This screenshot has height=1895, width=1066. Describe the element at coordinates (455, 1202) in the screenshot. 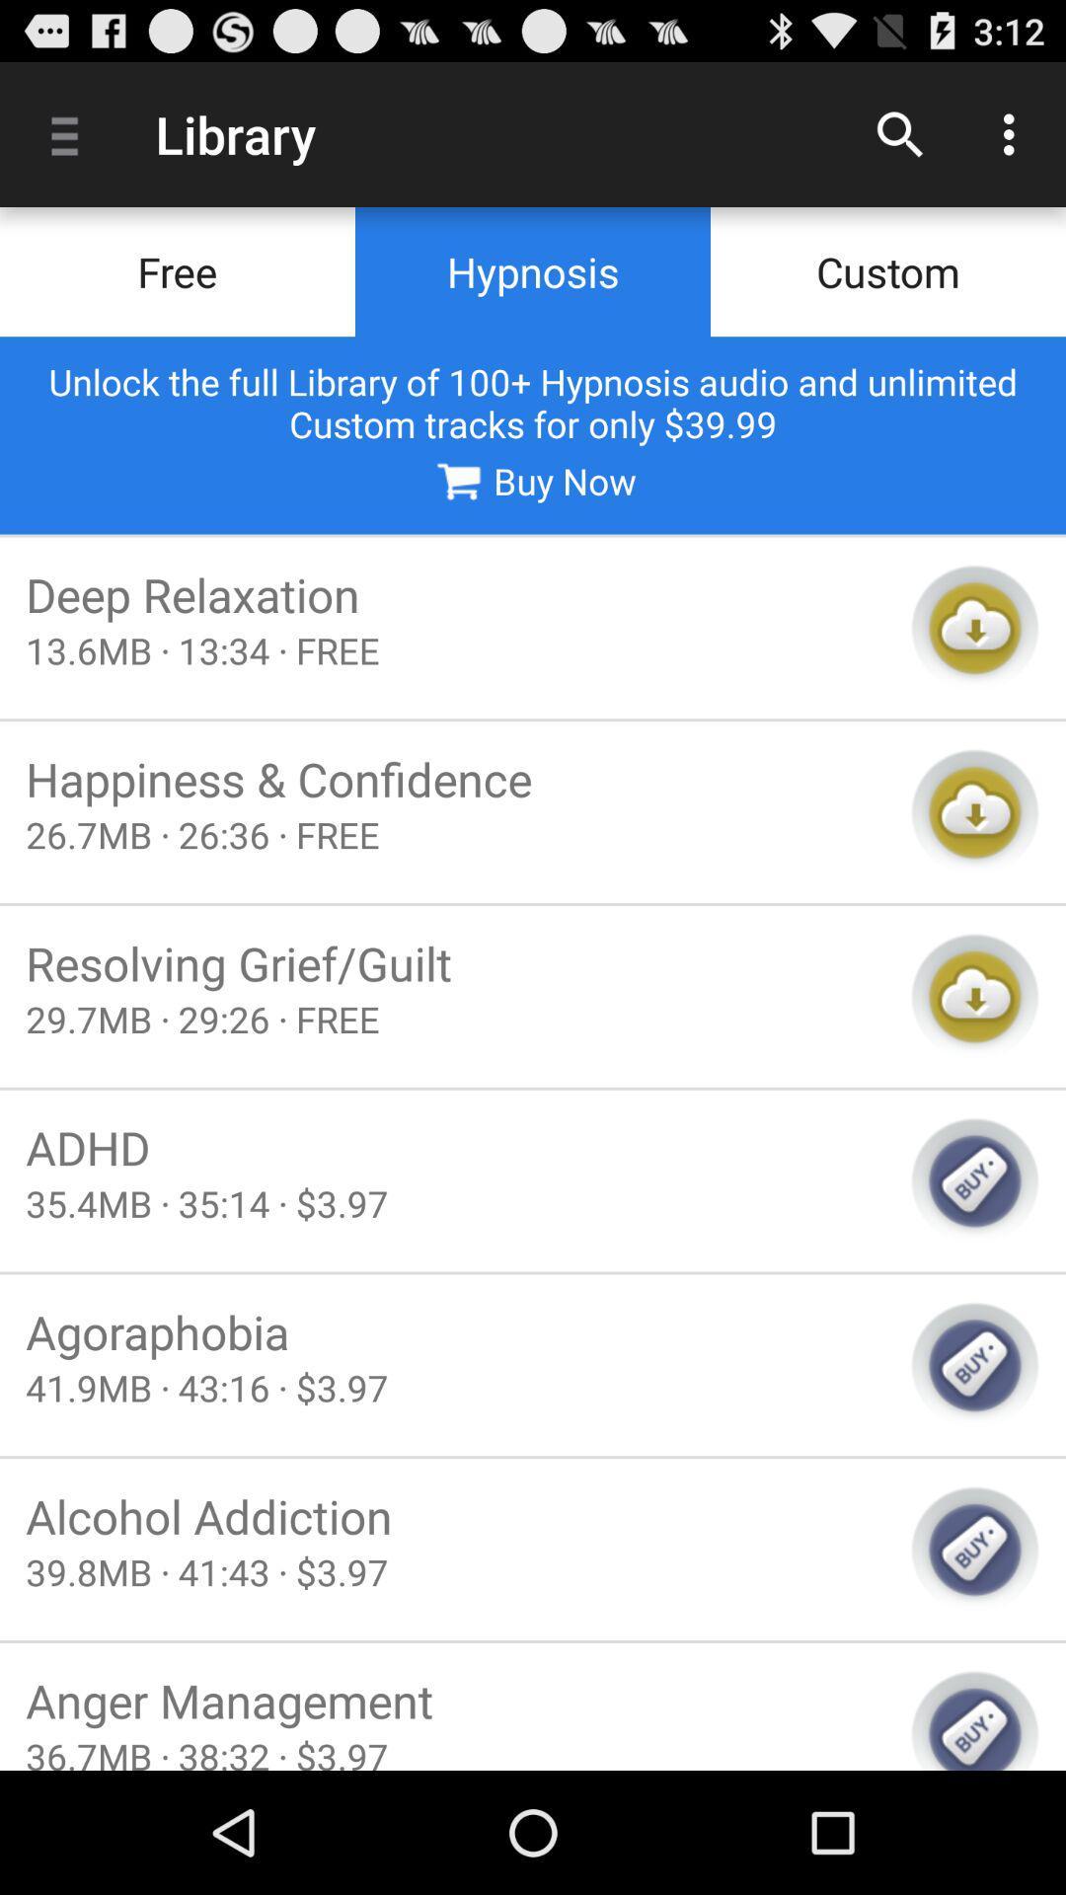

I see `35 4mb 35` at that location.